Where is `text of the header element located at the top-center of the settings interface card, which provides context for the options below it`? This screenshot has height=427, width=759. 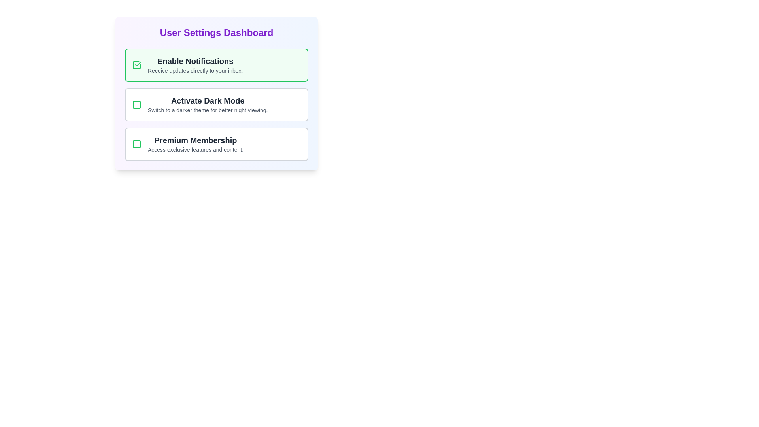
text of the header element located at the top-center of the settings interface card, which provides context for the options below it is located at coordinates (216, 32).